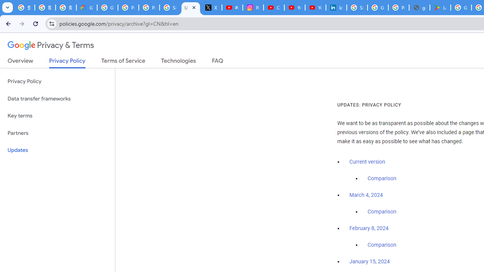 This screenshot has height=272, width=484. Describe the element at coordinates (369, 228) in the screenshot. I see `'February 8, 2024'` at that location.